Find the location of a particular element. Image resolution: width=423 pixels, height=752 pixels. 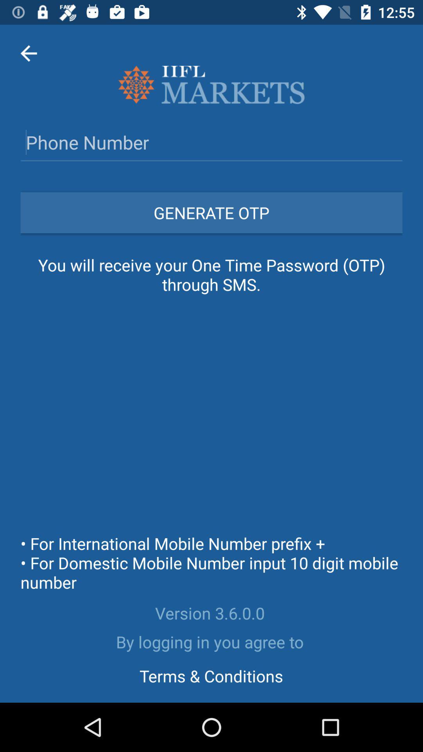

the item below version 3 6 item is located at coordinates (211, 642).